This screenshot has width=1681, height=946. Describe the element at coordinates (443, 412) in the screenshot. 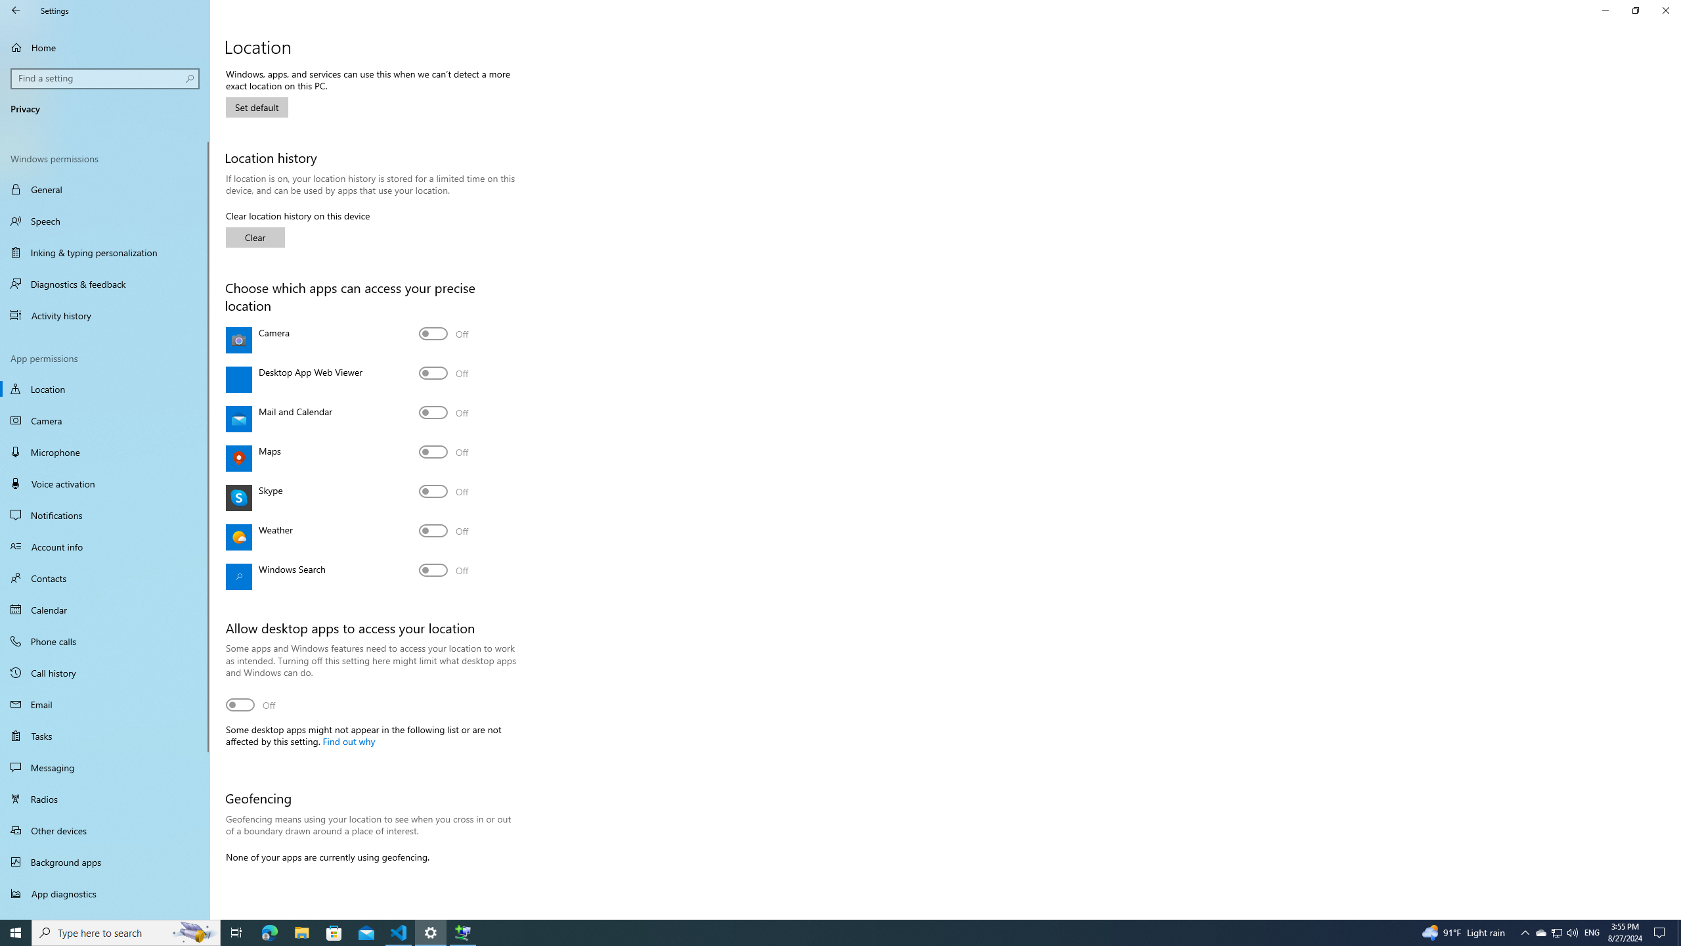

I see `'Mail and Calendar'` at that location.